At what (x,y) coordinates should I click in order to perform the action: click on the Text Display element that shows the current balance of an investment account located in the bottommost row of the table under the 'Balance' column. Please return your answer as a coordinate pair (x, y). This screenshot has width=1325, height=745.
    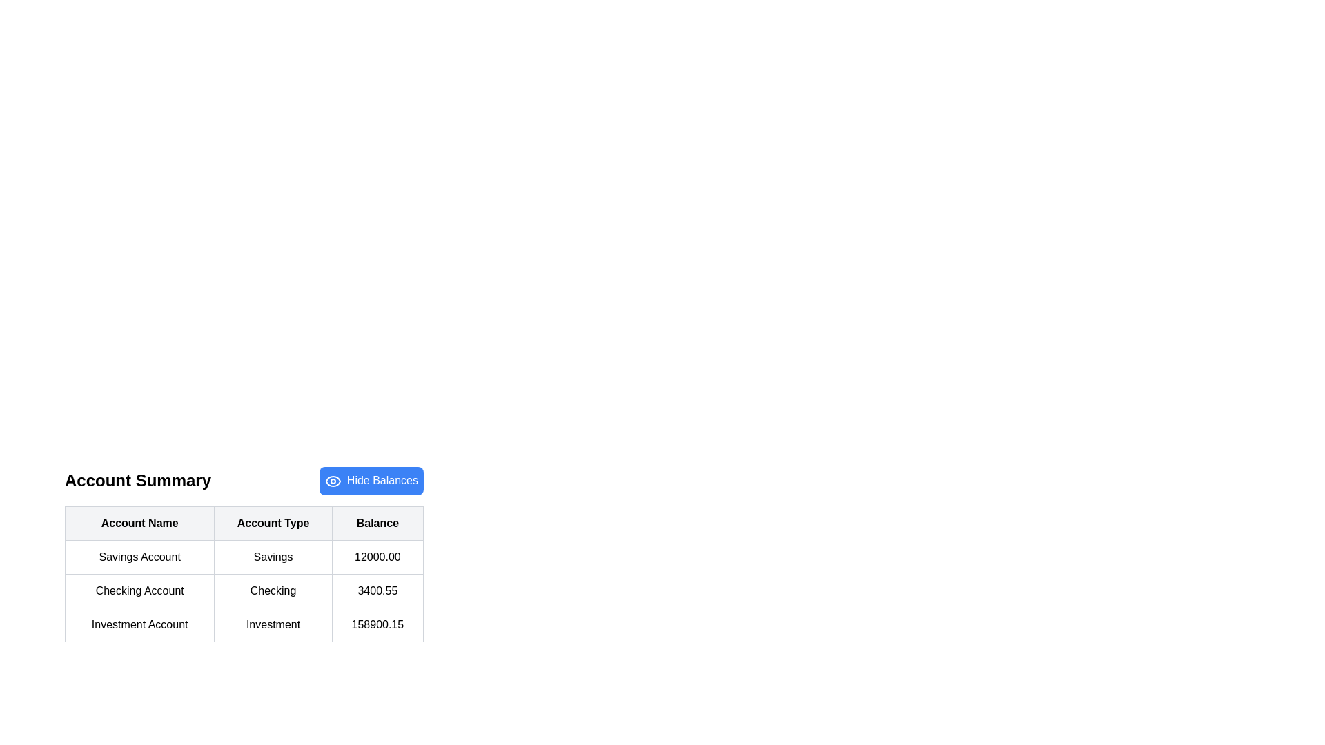
    Looking at the image, I should click on (377, 624).